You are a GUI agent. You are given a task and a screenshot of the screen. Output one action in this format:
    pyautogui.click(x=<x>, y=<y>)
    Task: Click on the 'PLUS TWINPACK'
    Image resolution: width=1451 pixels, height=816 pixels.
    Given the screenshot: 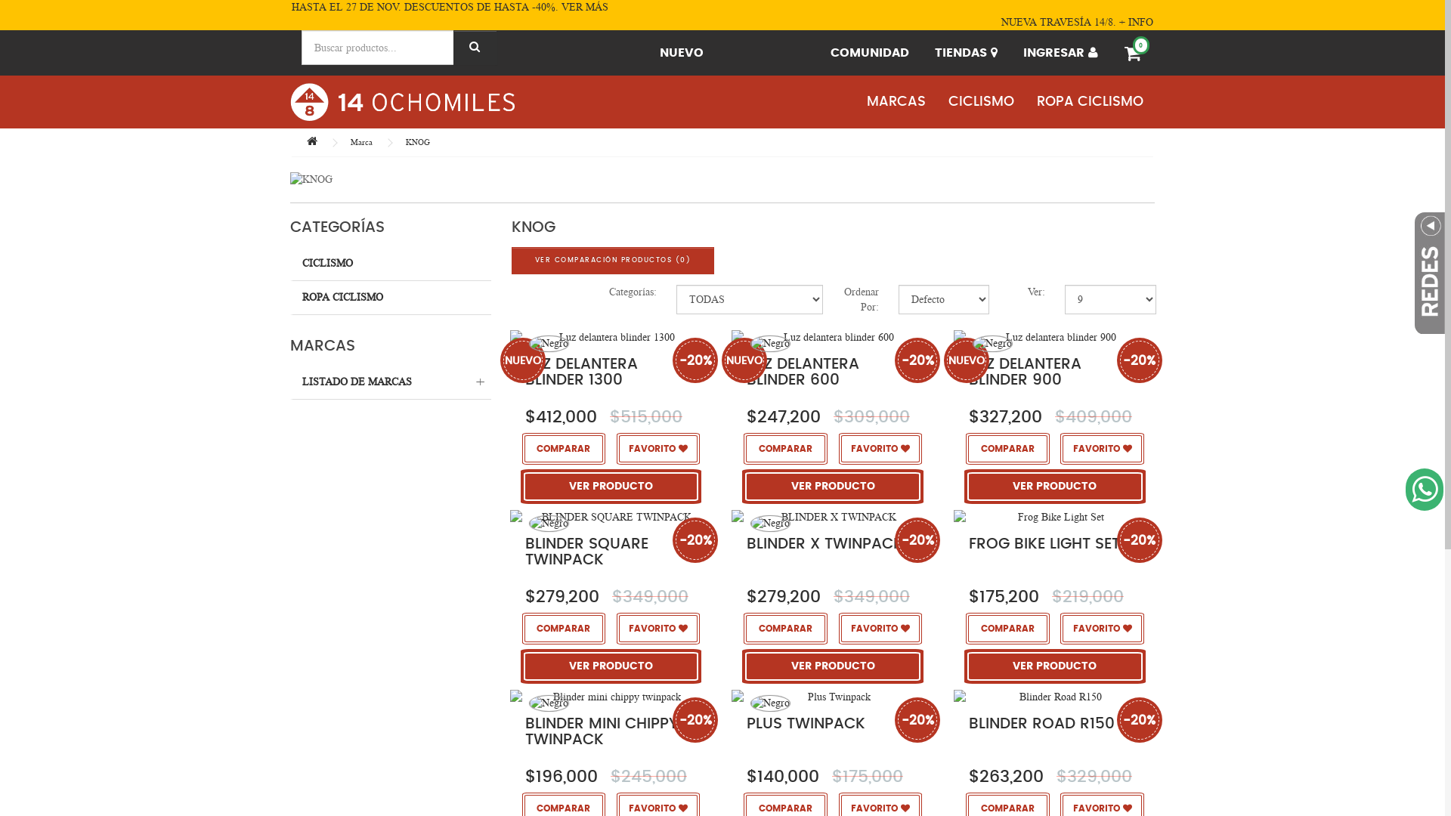 What is the action you would take?
    pyautogui.click(x=805, y=722)
    